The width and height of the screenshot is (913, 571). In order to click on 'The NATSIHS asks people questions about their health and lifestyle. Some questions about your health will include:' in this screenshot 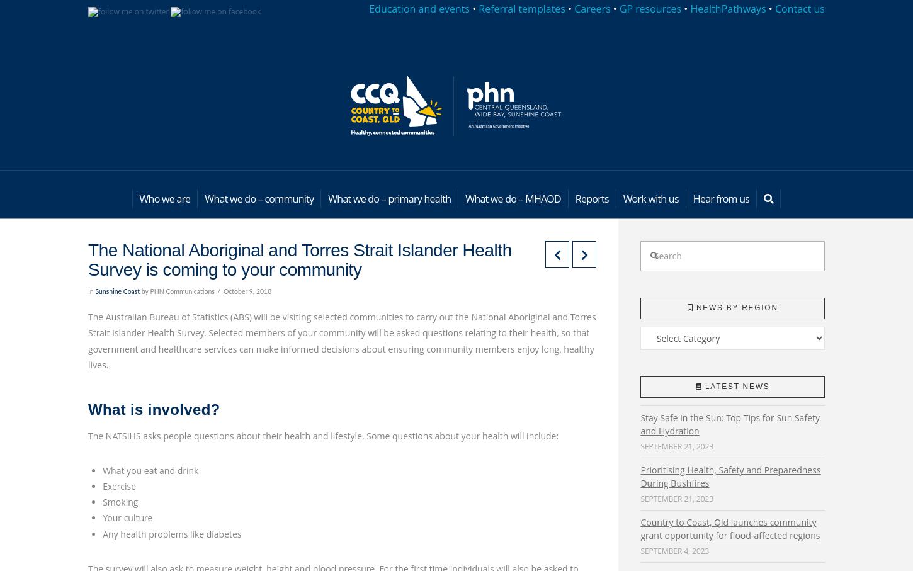, I will do `click(323, 434)`.